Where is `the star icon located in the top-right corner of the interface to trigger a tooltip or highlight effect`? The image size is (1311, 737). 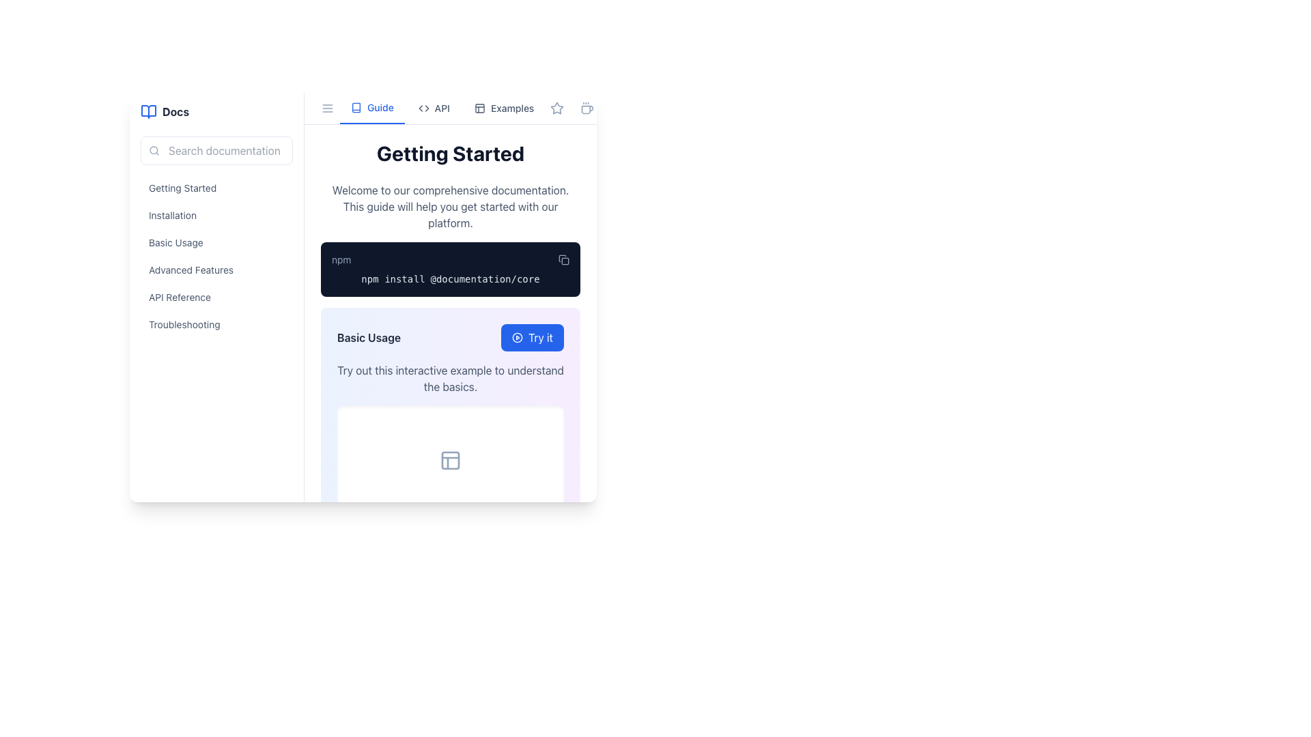 the star icon located in the top-right corner of the interface to trigger a tooltip or highlight effect is located at coordinates (557, 107).